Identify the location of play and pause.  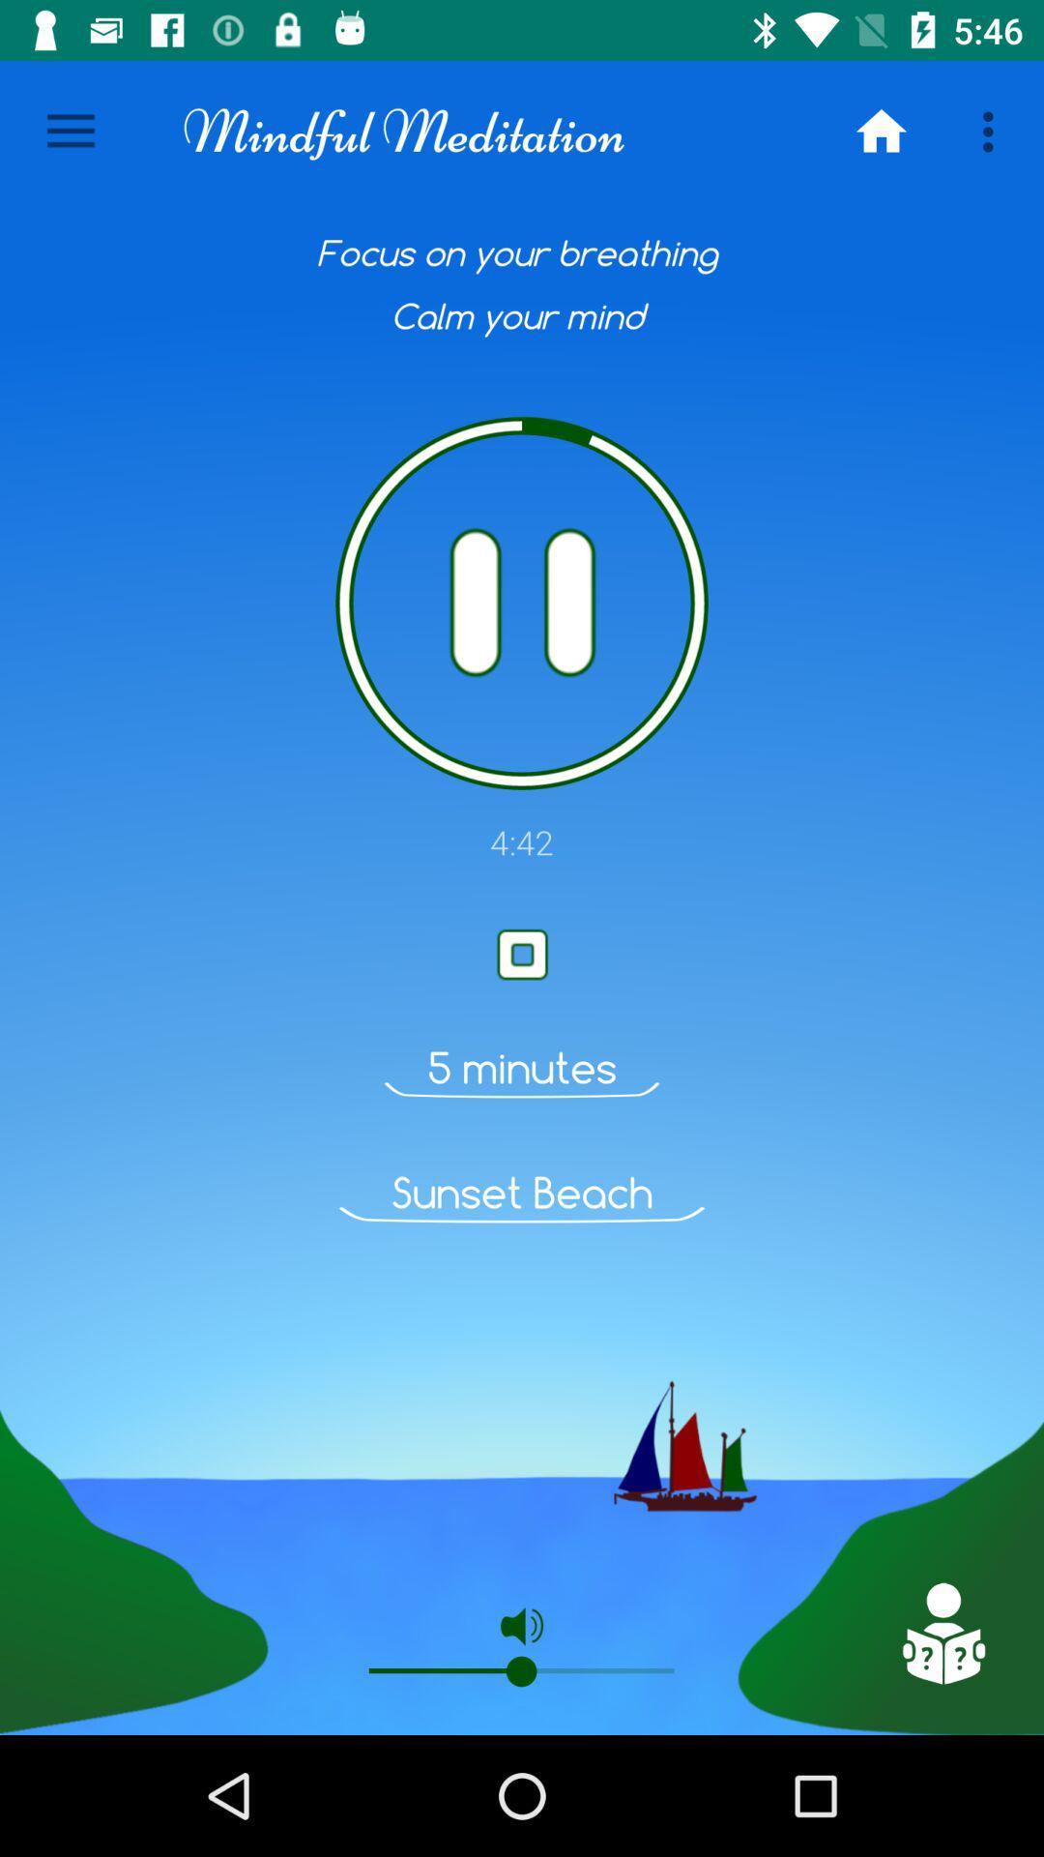
(522, 603).